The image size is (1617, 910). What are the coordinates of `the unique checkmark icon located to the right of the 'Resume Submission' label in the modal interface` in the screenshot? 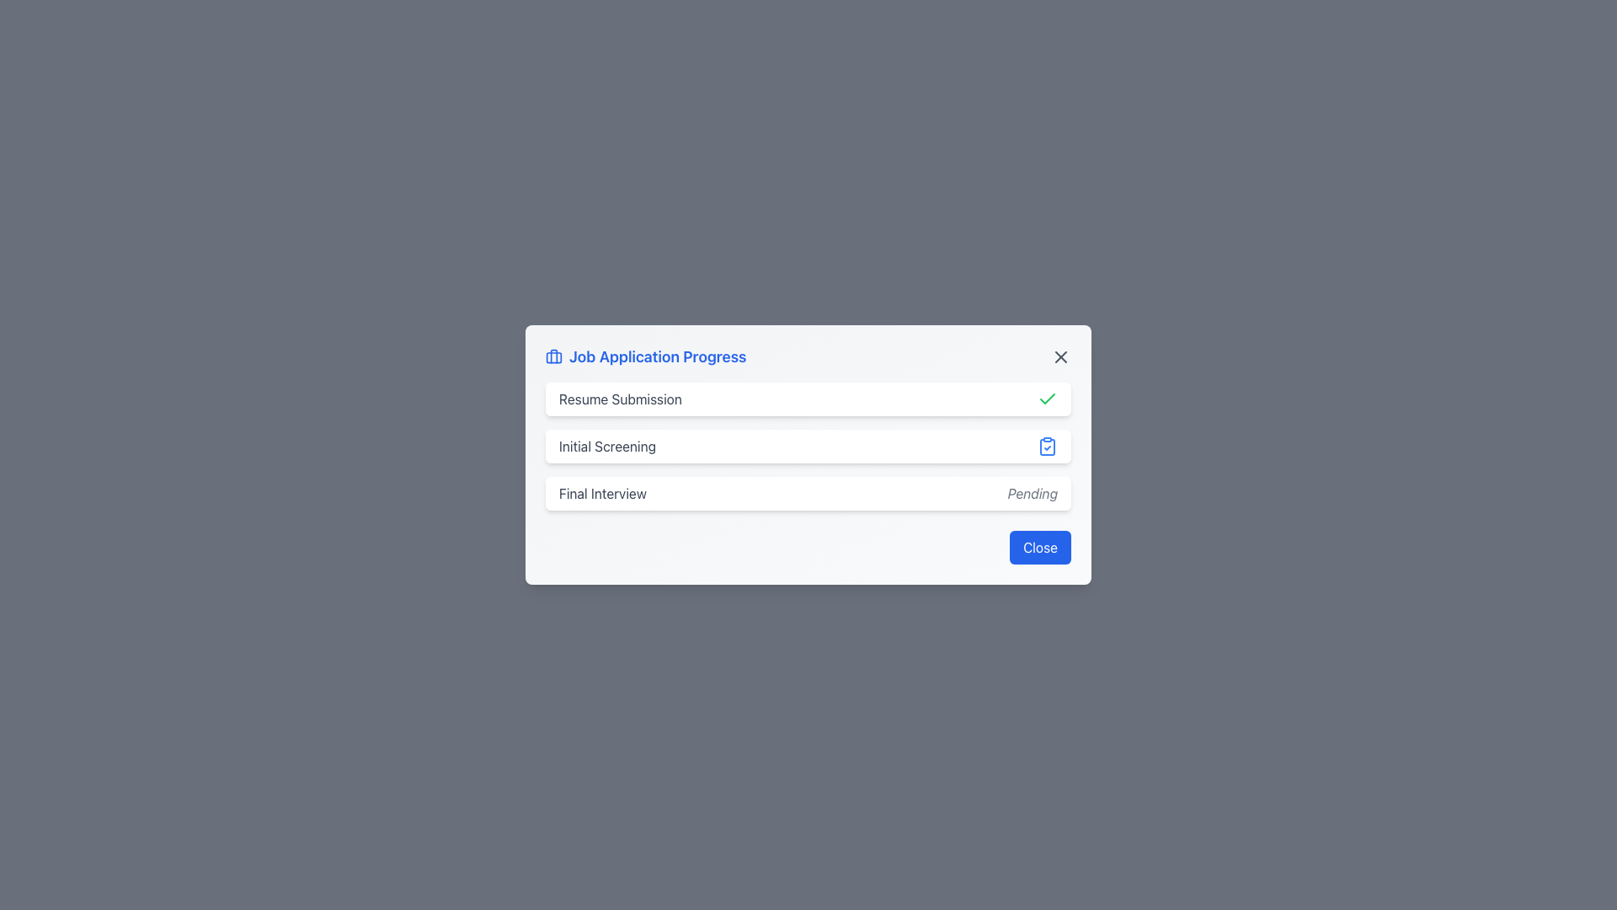 It's located at (1046, 399).